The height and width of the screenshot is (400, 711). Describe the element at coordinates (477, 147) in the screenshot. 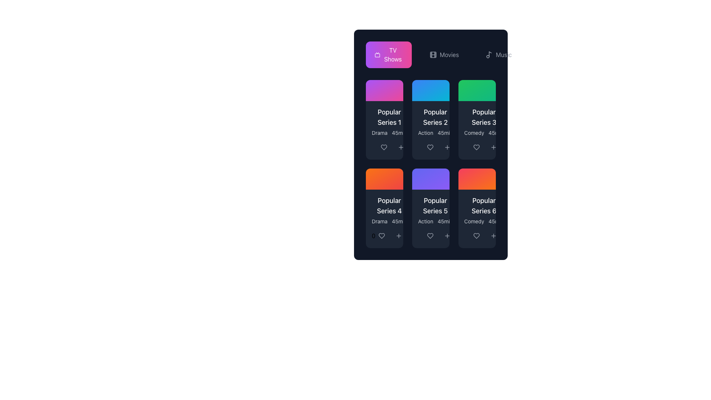

I see `the heart icon button outlined in gray located below the 'Popular Series 3' card` at that location.